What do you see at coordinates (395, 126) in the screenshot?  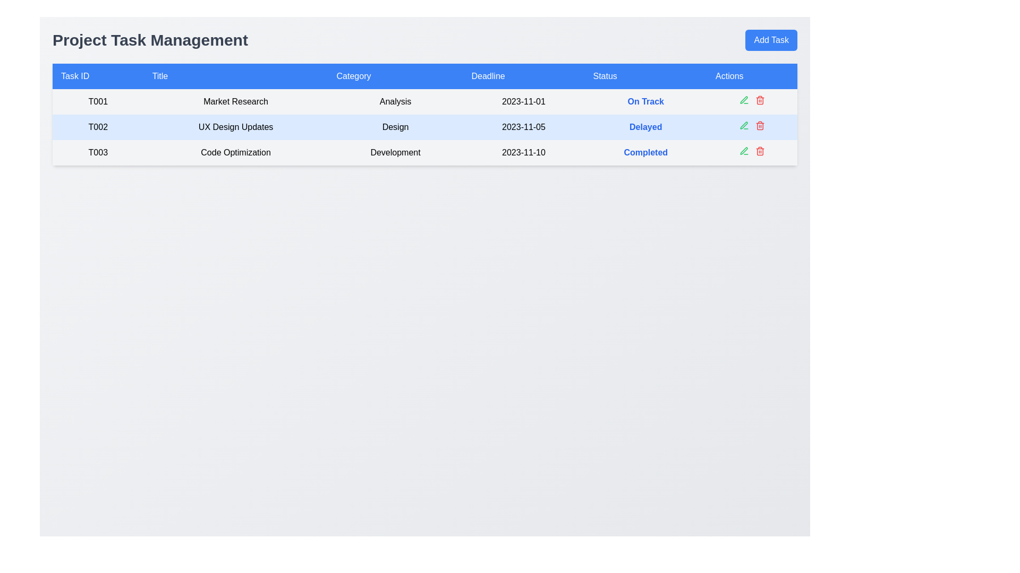 I see `the static label with the text 'Design', which is the third cell in the second row of the table under the 'Category' column` at bounding box center [395, 126].